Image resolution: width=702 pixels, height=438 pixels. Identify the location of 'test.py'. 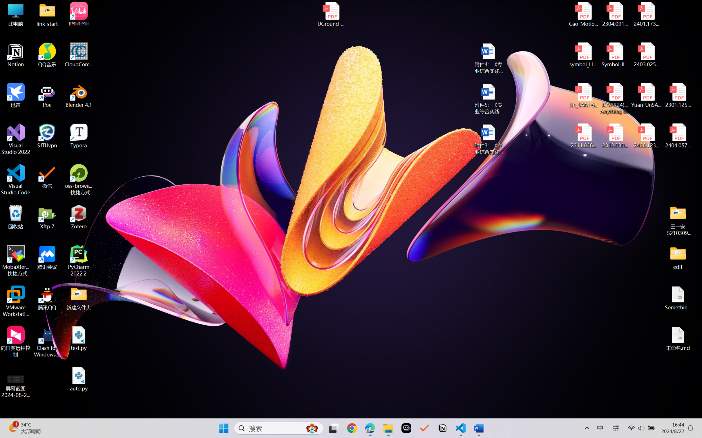
(79, 338).